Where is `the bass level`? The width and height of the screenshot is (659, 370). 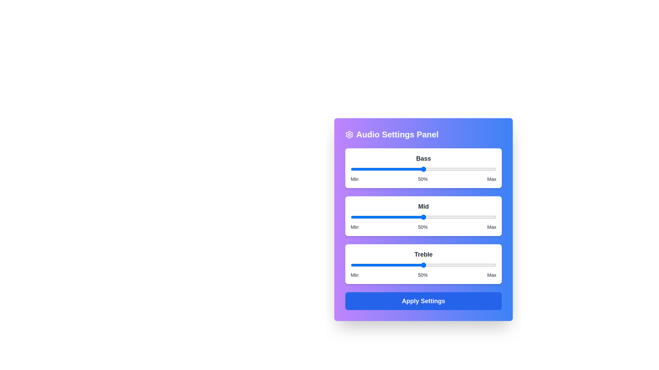
the bass level is located at coordinates (474, 169).